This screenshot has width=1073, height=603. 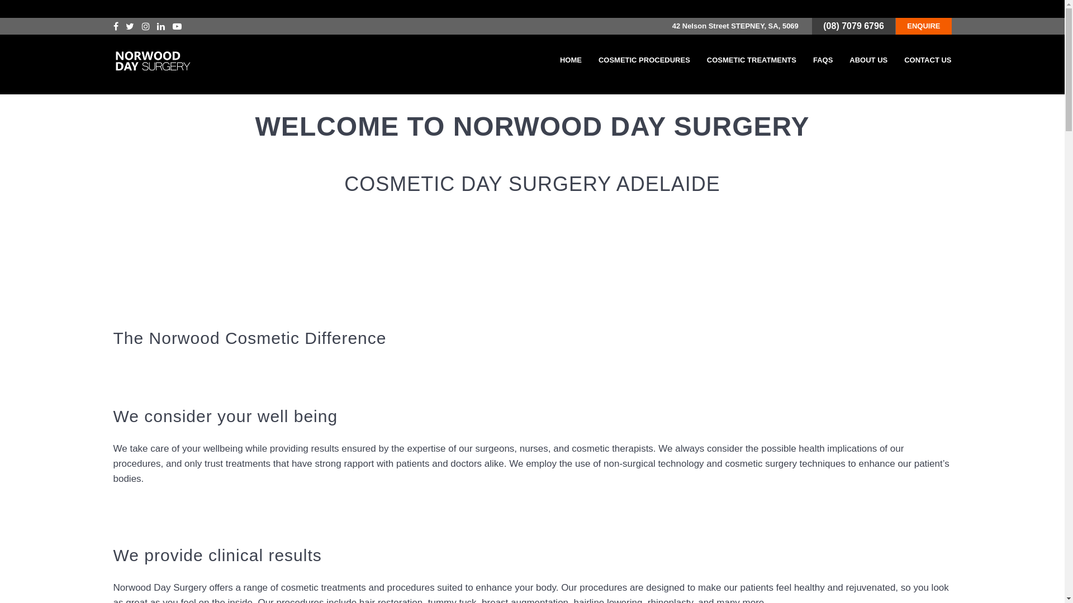 I want to click on 'COSMETIC PROCEDURES', so click(x=644, y=60).